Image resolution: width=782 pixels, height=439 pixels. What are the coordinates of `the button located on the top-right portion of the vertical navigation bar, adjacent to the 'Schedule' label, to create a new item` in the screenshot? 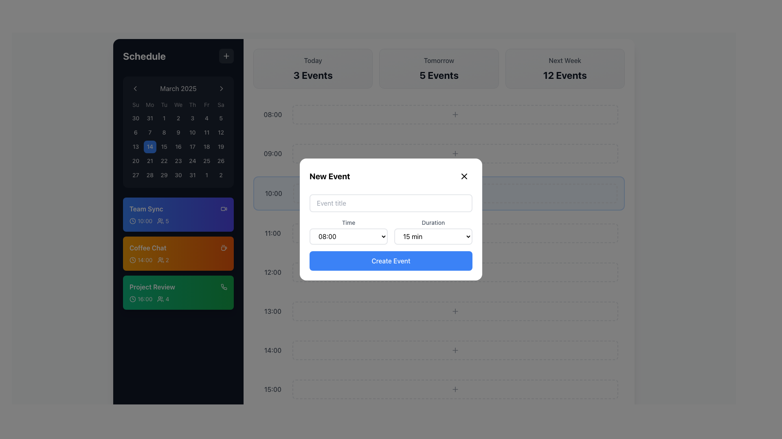 It's located at (226, 56).